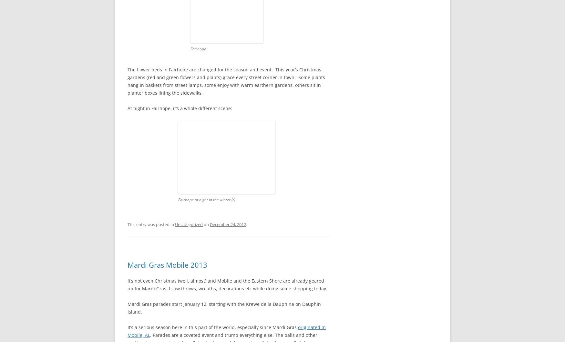 This screenshot has width=565, height=342. Describe the element at coordinates (246, 224) in the screenshot. I see `'.'` at that location.